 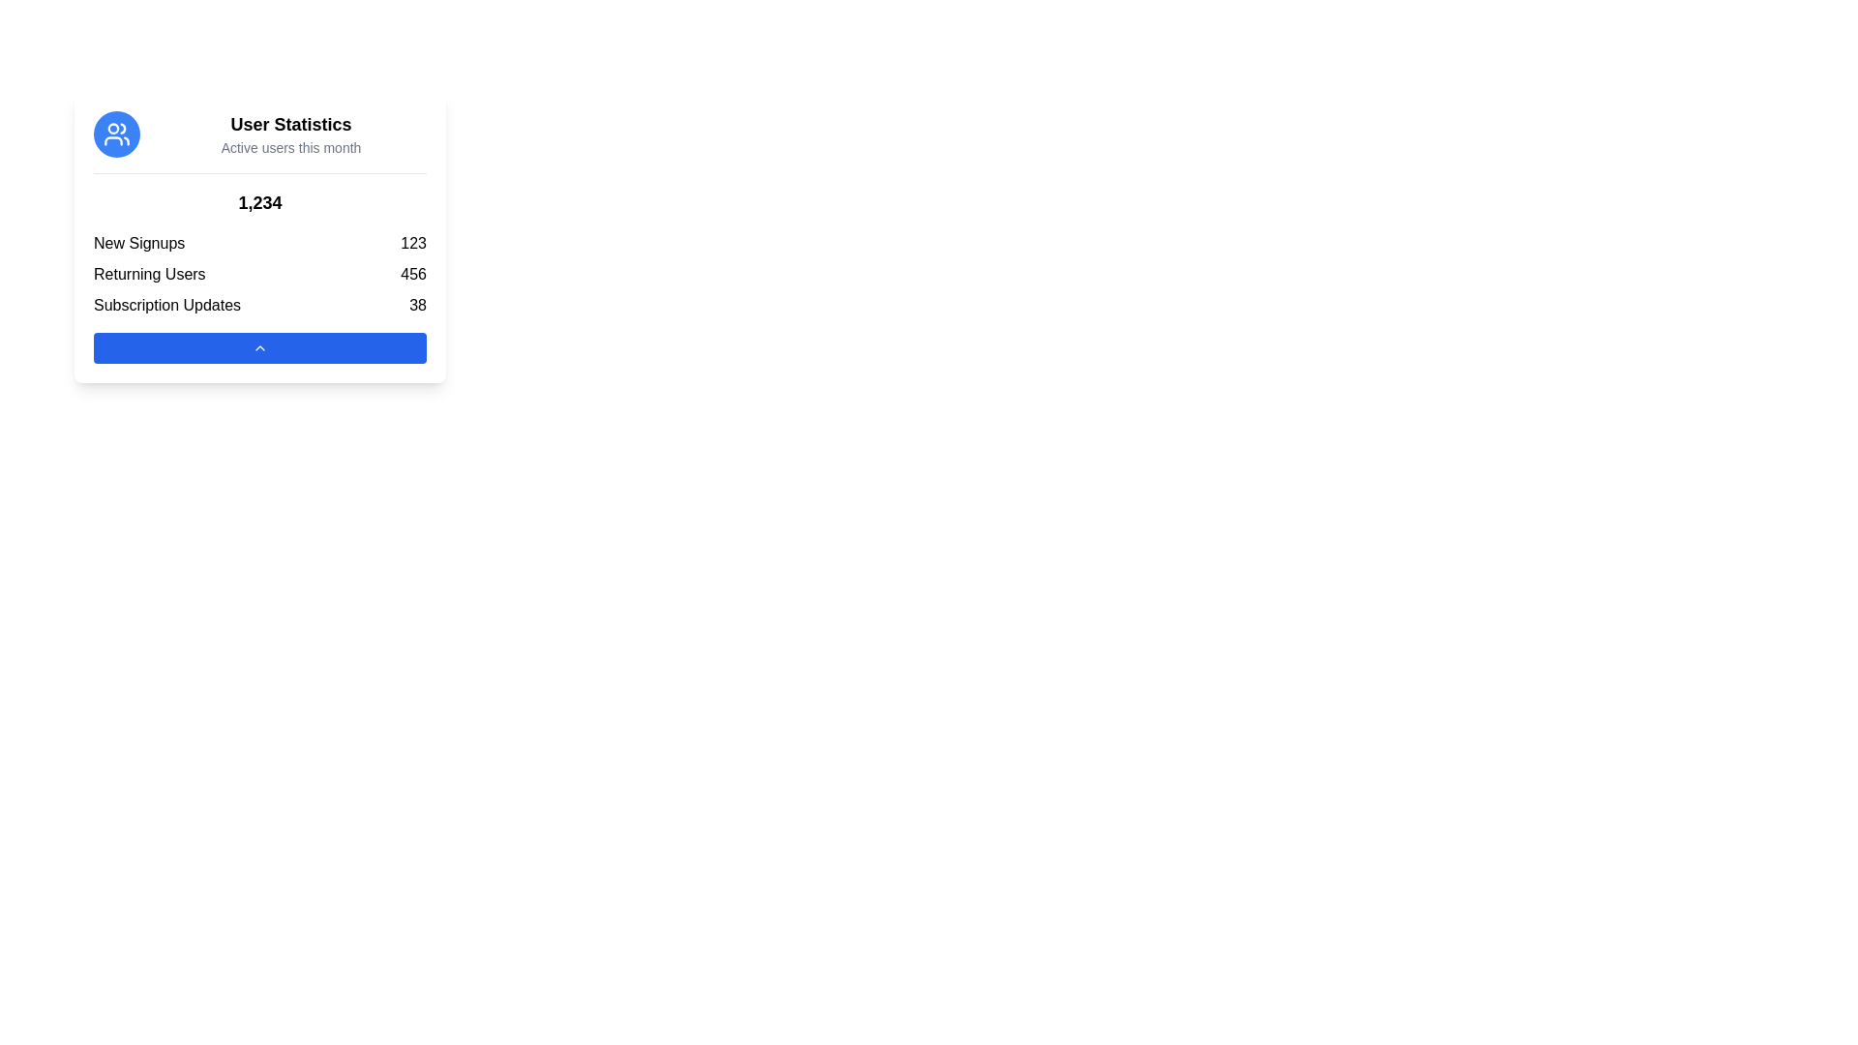 What do you see at coordinates (412, 242) in the screenshot?
I see `the numeric text '123' which is positioned to the right of the 'New Signups' label in the user statistics card` at bounding box center [412, 242].